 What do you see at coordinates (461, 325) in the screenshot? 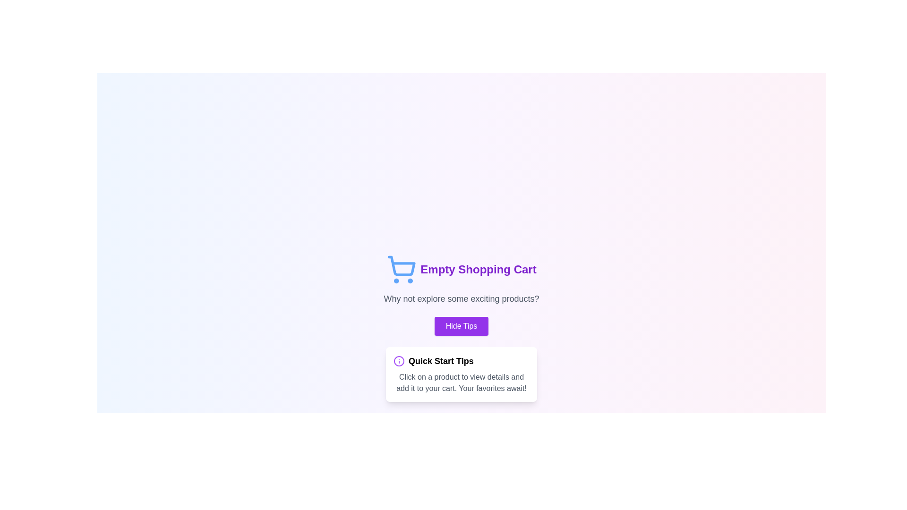
I see `the button located below the text 'Why not explore some exciting products?'` at bounding box center [461, 325].